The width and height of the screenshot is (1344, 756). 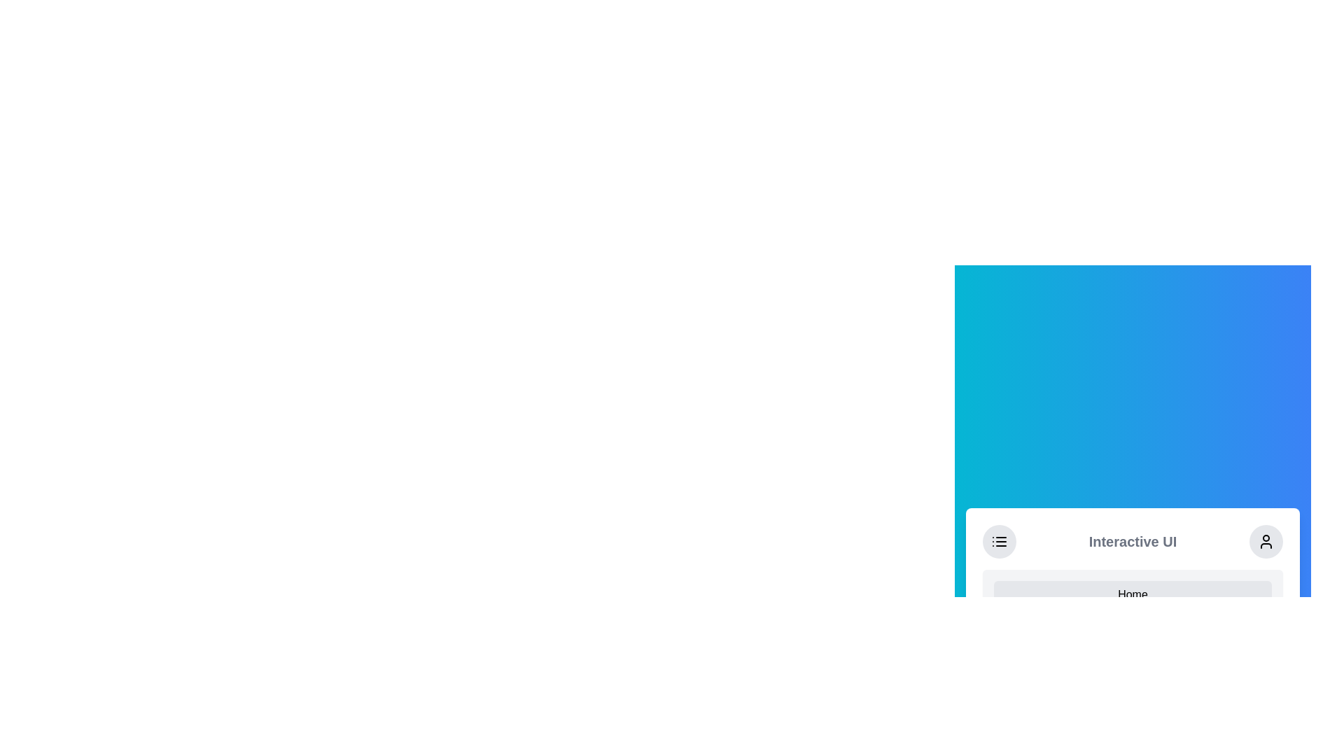 What do you see at coordinates (999, 541) in the screenshot?
I see `the SVG menu icon represented by three horizontal lines and dots within a circular button located in the header section` at bounding box center [999, 541].